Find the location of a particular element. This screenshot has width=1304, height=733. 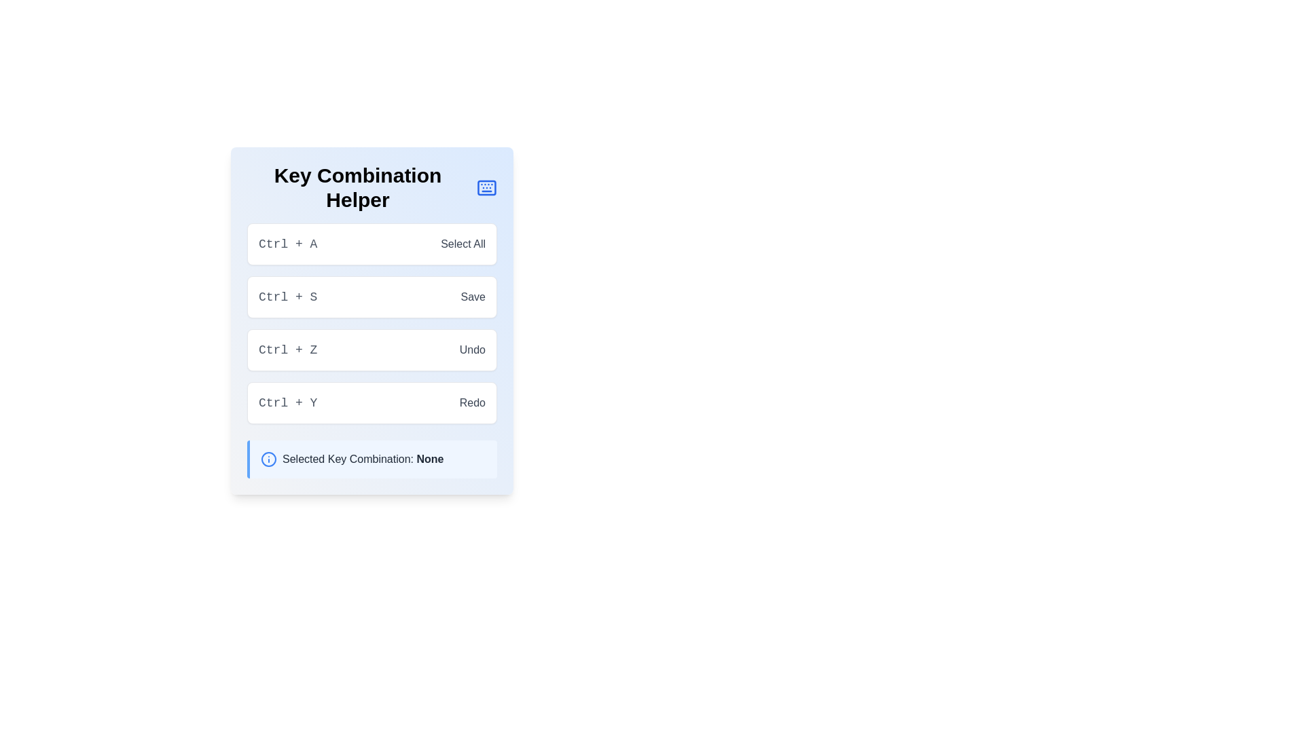

the Text label that displays the currently selected keyboard combination, located at the bottom of the interface within the informational block is located at coordinates (363, 459).